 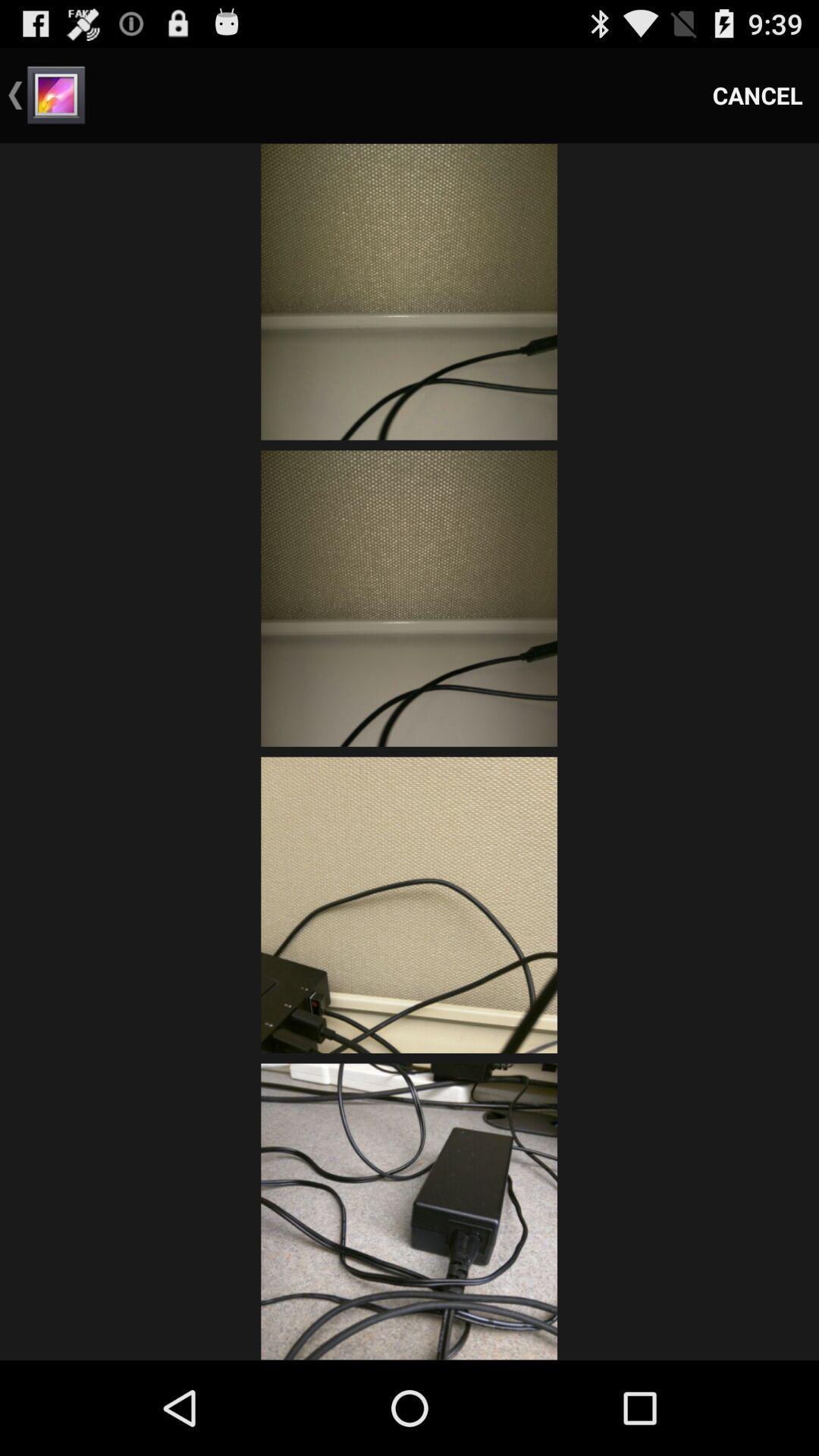 I want to click on cancel icon, so click(x=758, y=94).